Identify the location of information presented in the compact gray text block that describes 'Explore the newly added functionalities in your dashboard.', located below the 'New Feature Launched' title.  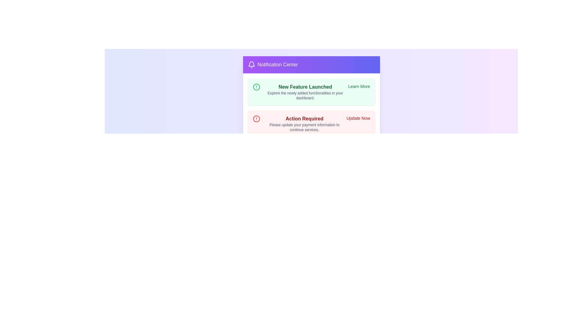
(305, 95).